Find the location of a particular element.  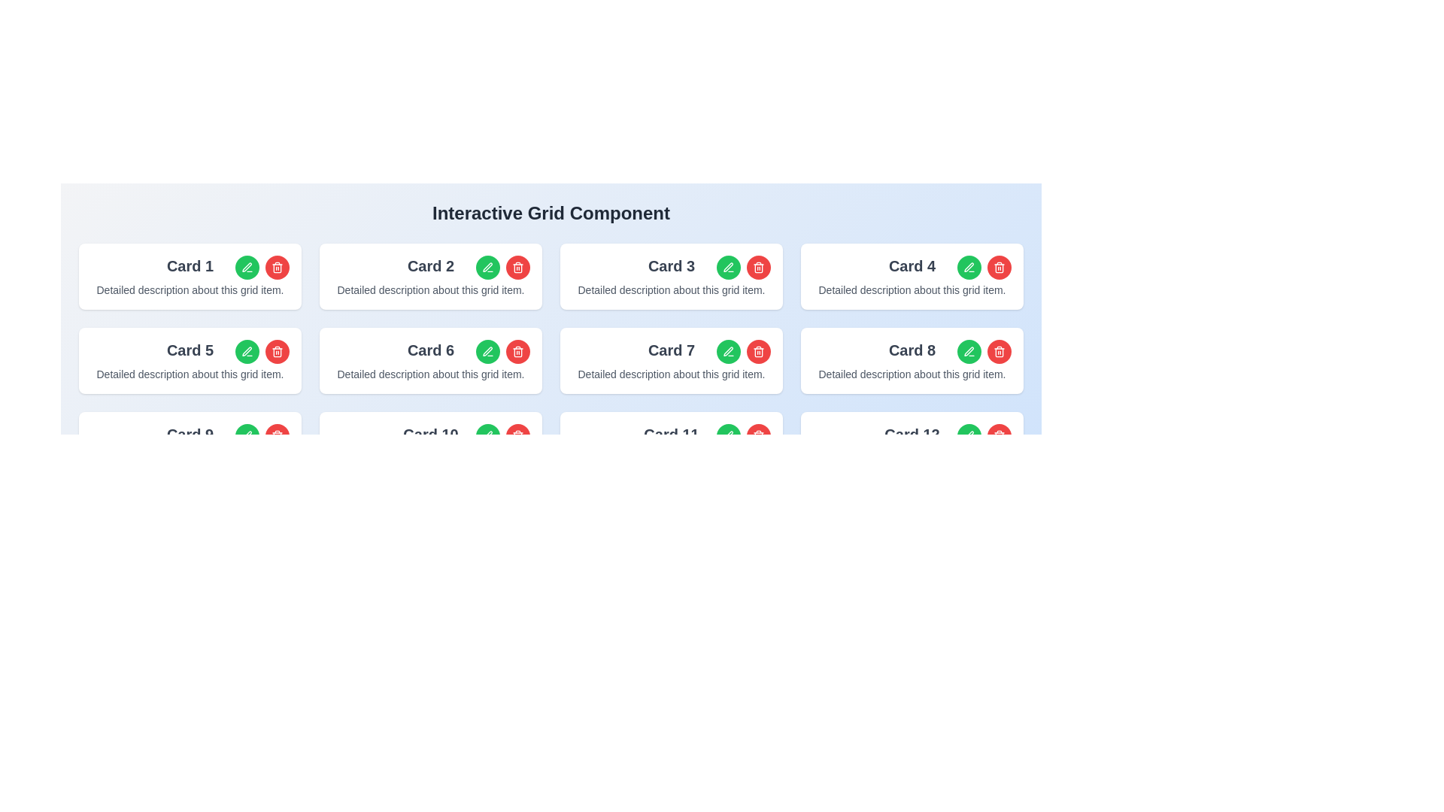

the trash bin icon located in the top-right corner of 'Card 4' is located at coordinates (1000, 353).